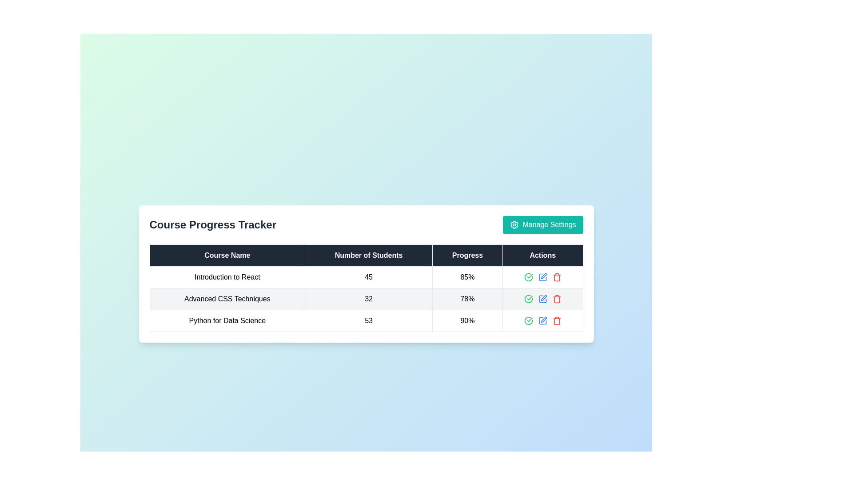 This screenshot has height=480, width=853. Describe the element at coordinates (542, 299) in the screenshot. I see `the edit icon button in the 'Actions' column for 'Advanced CSS Techniques'` at that location.